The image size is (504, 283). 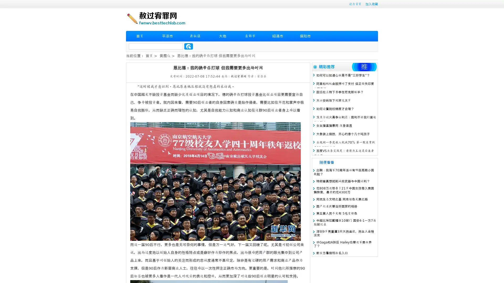 What do you see at coordinates (188, 46) in the screenshot?
I see `Search` at bounding box center [188, 46].